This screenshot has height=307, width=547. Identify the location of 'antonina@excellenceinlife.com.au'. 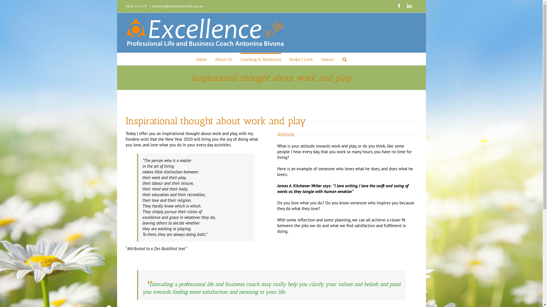
(177, 6).